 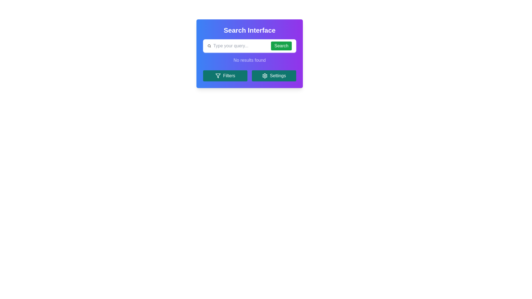 What do you see at coordinates (274, 76) in the screenshot?
I see `the settings button located to the right of the 'Filters' button in the grid layout` at bounding box center [274, 76].